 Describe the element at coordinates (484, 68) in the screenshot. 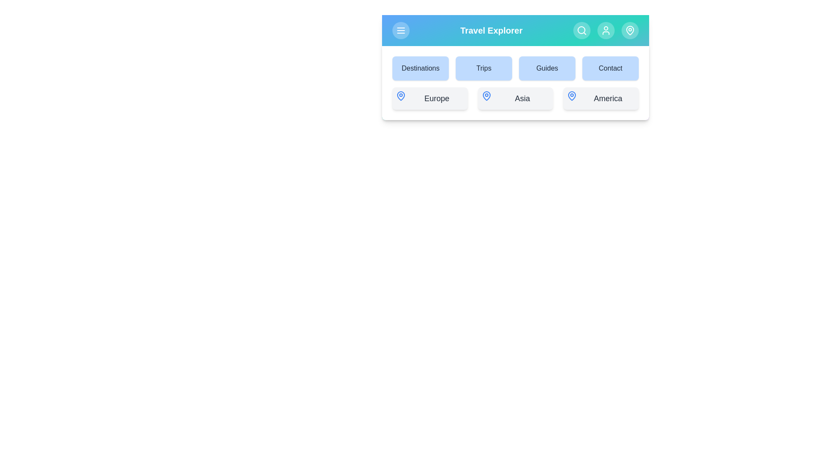

I see `the Trips button in the navigation bar` at that location.